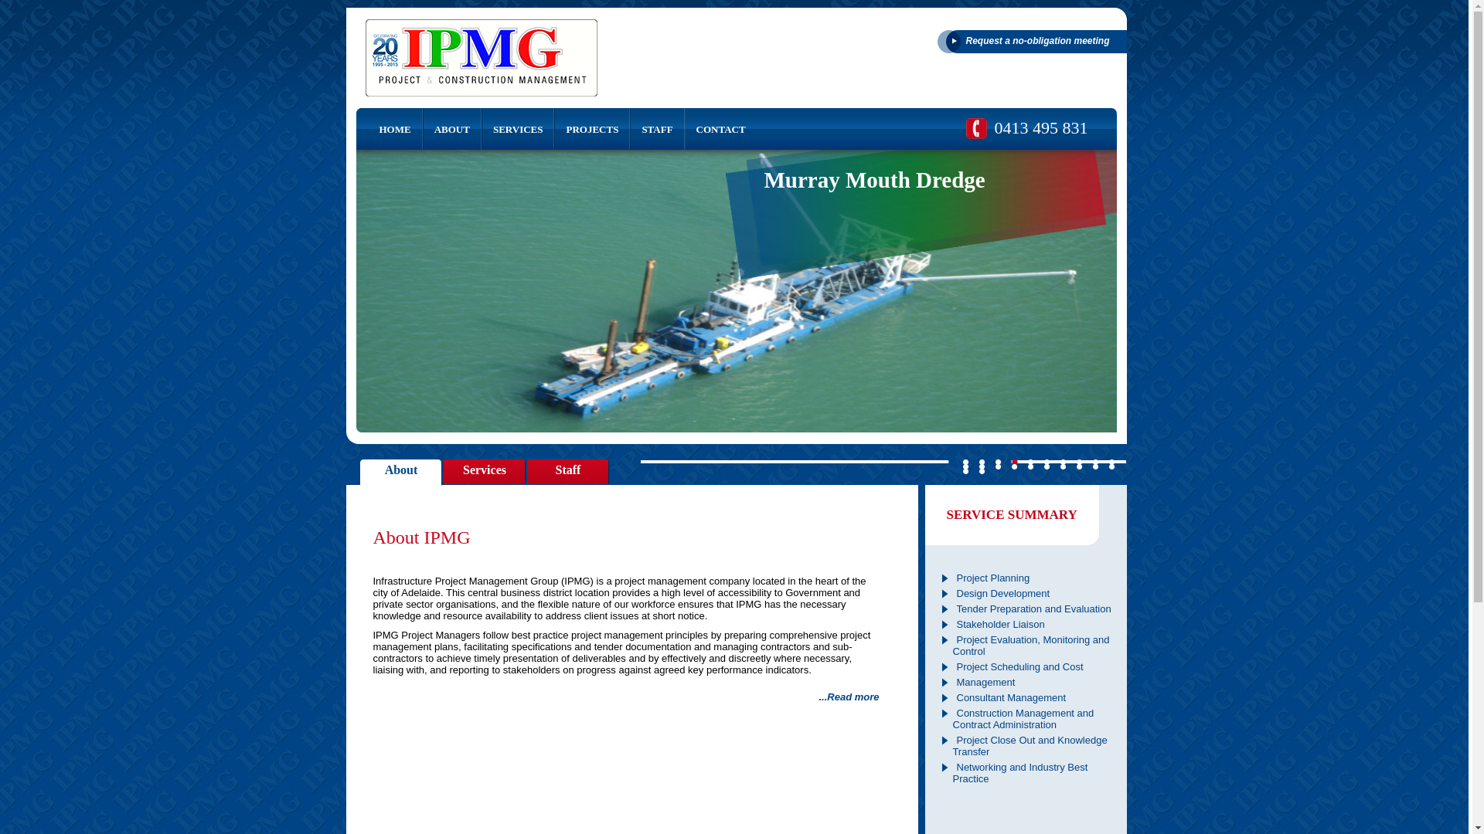 This screenshot has height=834, width=1484. I want to click on '15', so click(1031, 466).